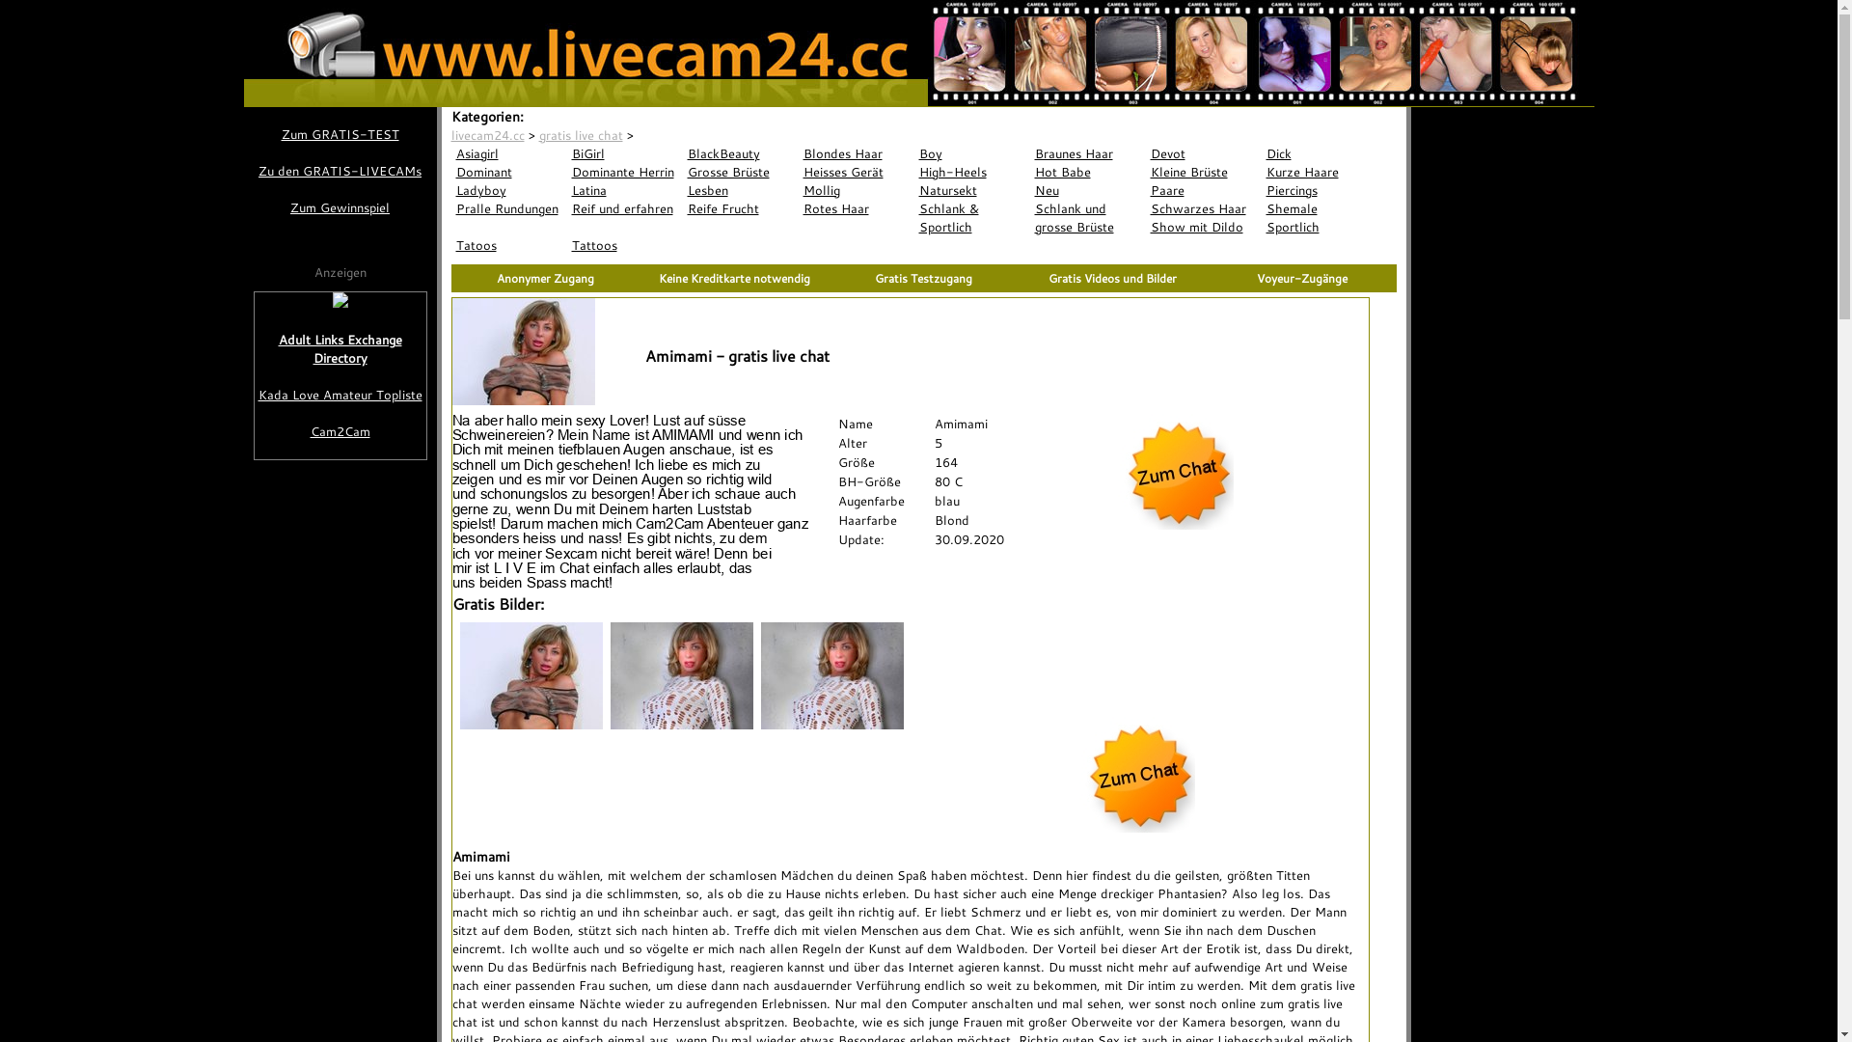 The height and width of the screenshot is (1042, 1852). Describe the element at coordinates (340, 394) in the screenshot. I see `'Kada Love Amateur Topliste'` at that location.